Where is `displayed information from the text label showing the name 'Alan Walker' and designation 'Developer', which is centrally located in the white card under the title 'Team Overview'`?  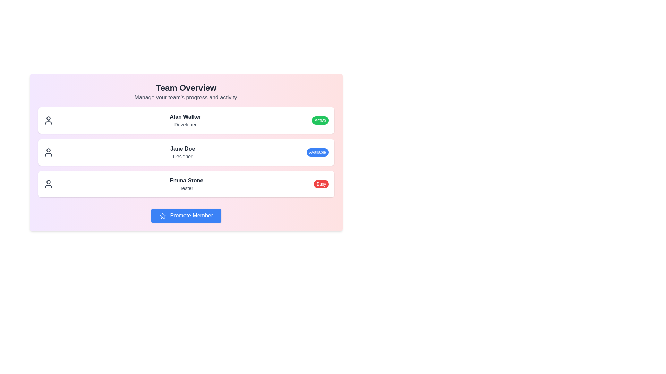 displayed information from the text label showing the name 'Alan Walker' and designation 'Developer', which is centrally located in the white card under the title 'Team Overview' is located at coordinates (185, 120).